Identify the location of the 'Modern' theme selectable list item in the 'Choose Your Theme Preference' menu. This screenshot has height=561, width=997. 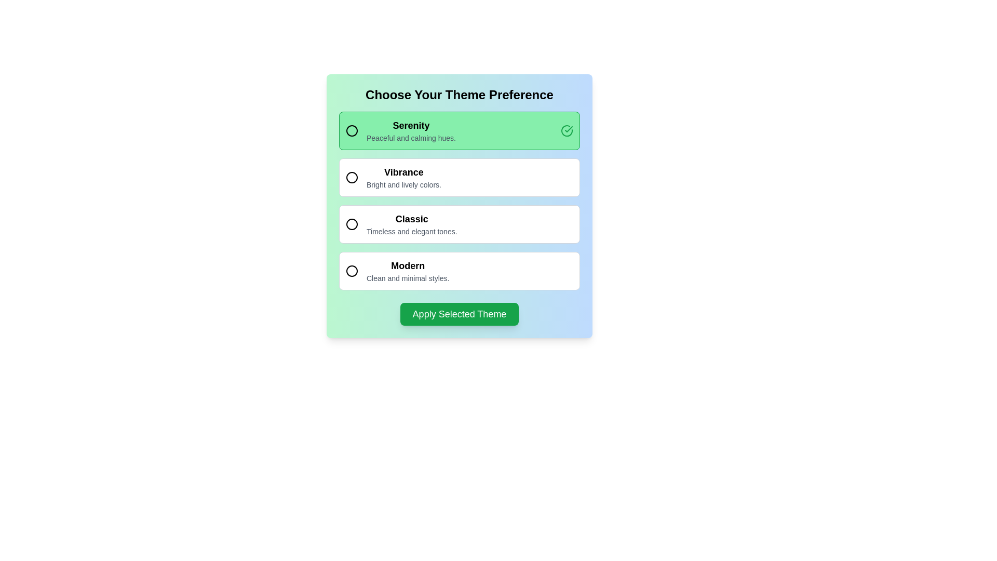
(397, 270).